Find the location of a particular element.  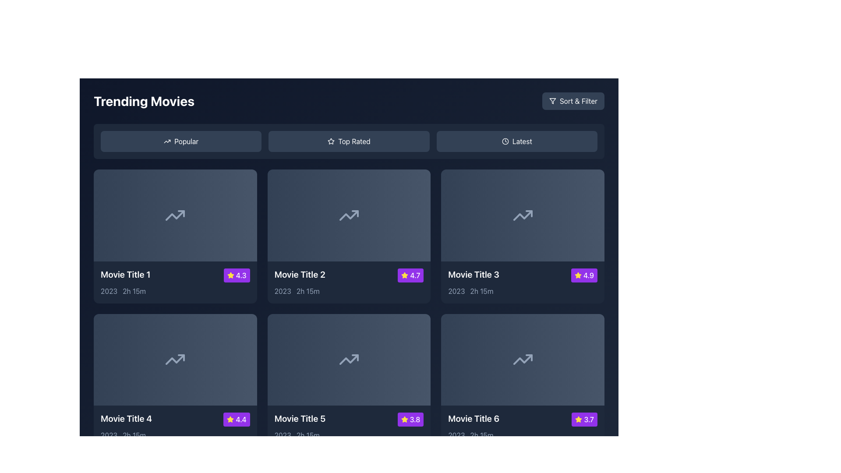

the Rating Display element located in the bottom-right corner of the 'Movie Title 5' card to visually inspect the movie's rating is located at coordinates (410, 419).